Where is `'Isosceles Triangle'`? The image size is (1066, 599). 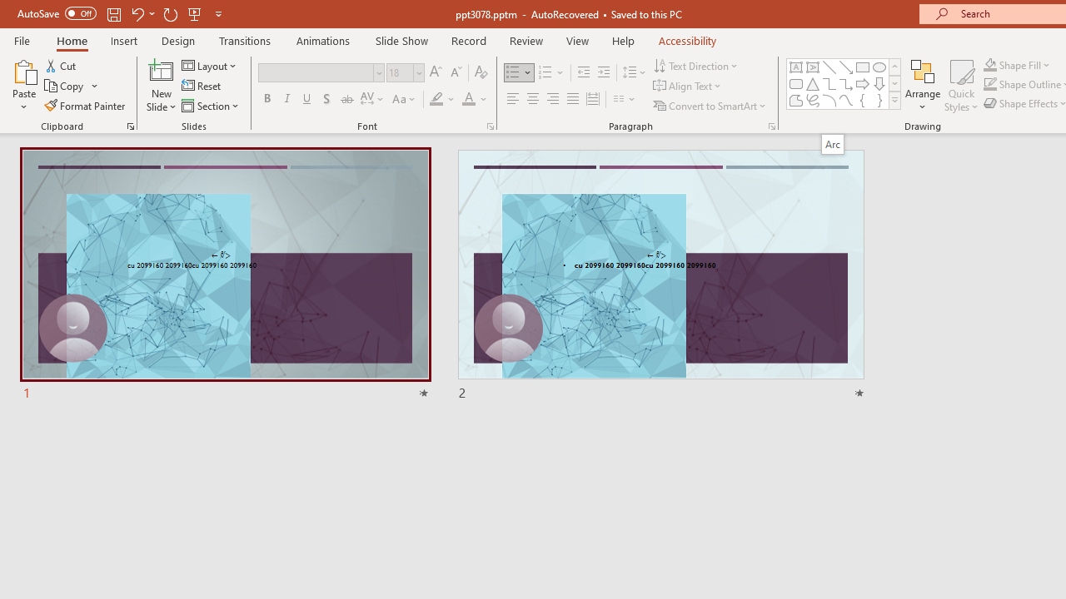
'Isosceles Triangle' is located at coordinates (813, 83).